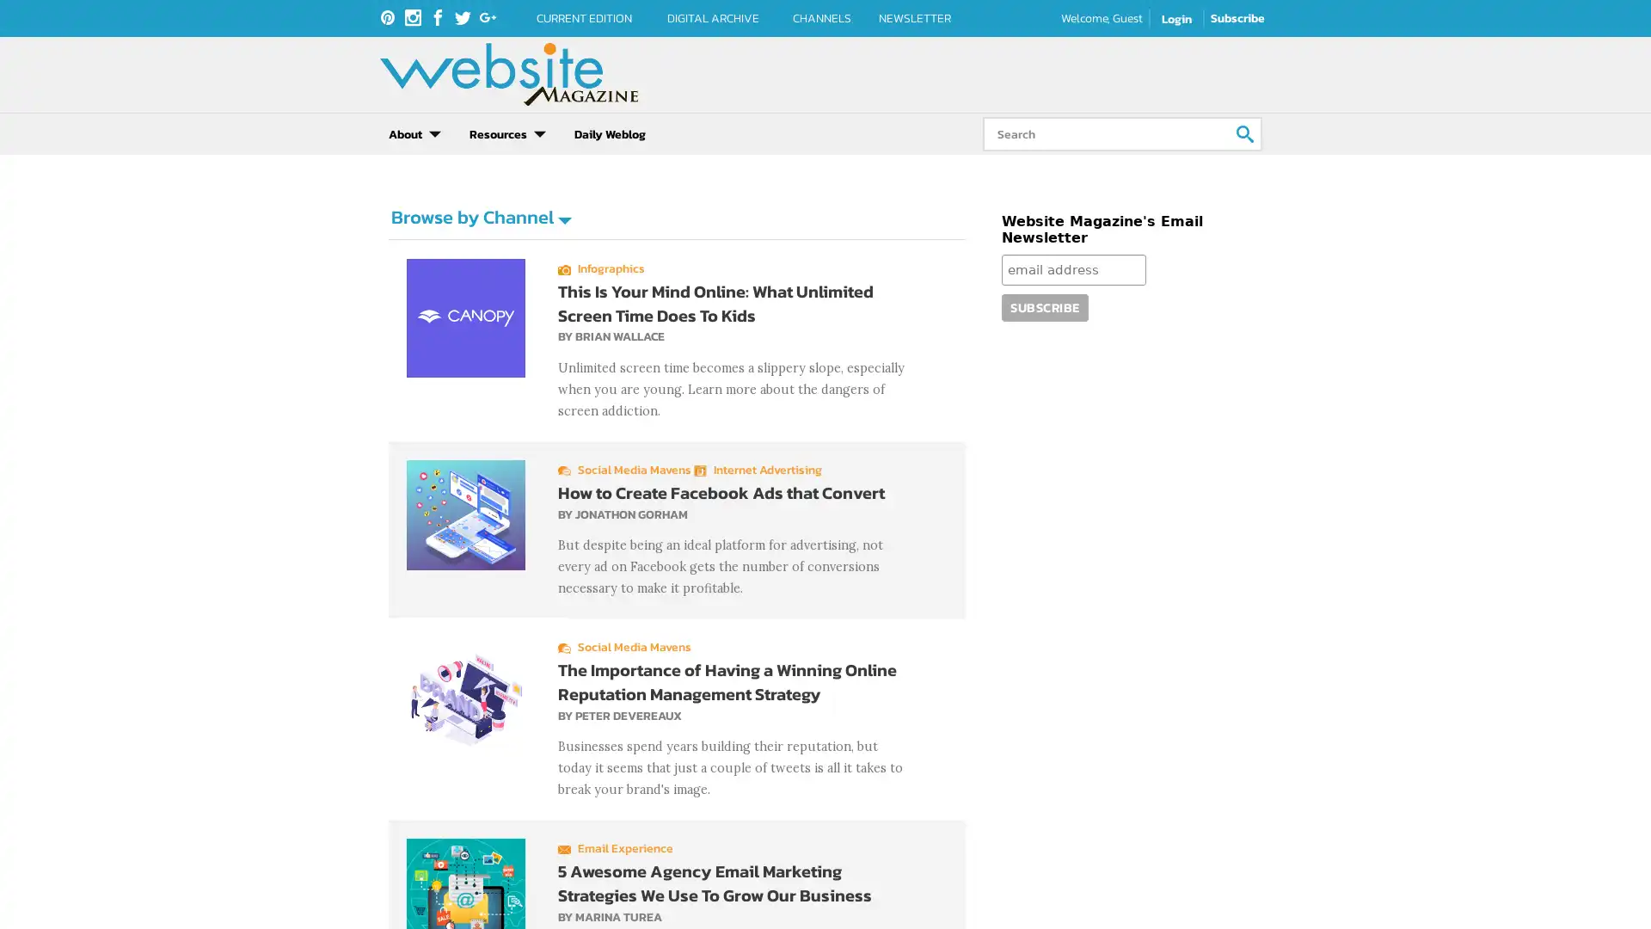 This screenshot has width=1651, height=929. Describe the element at coordinates (1245, 132) in the screenshot. I see `button` at that location.